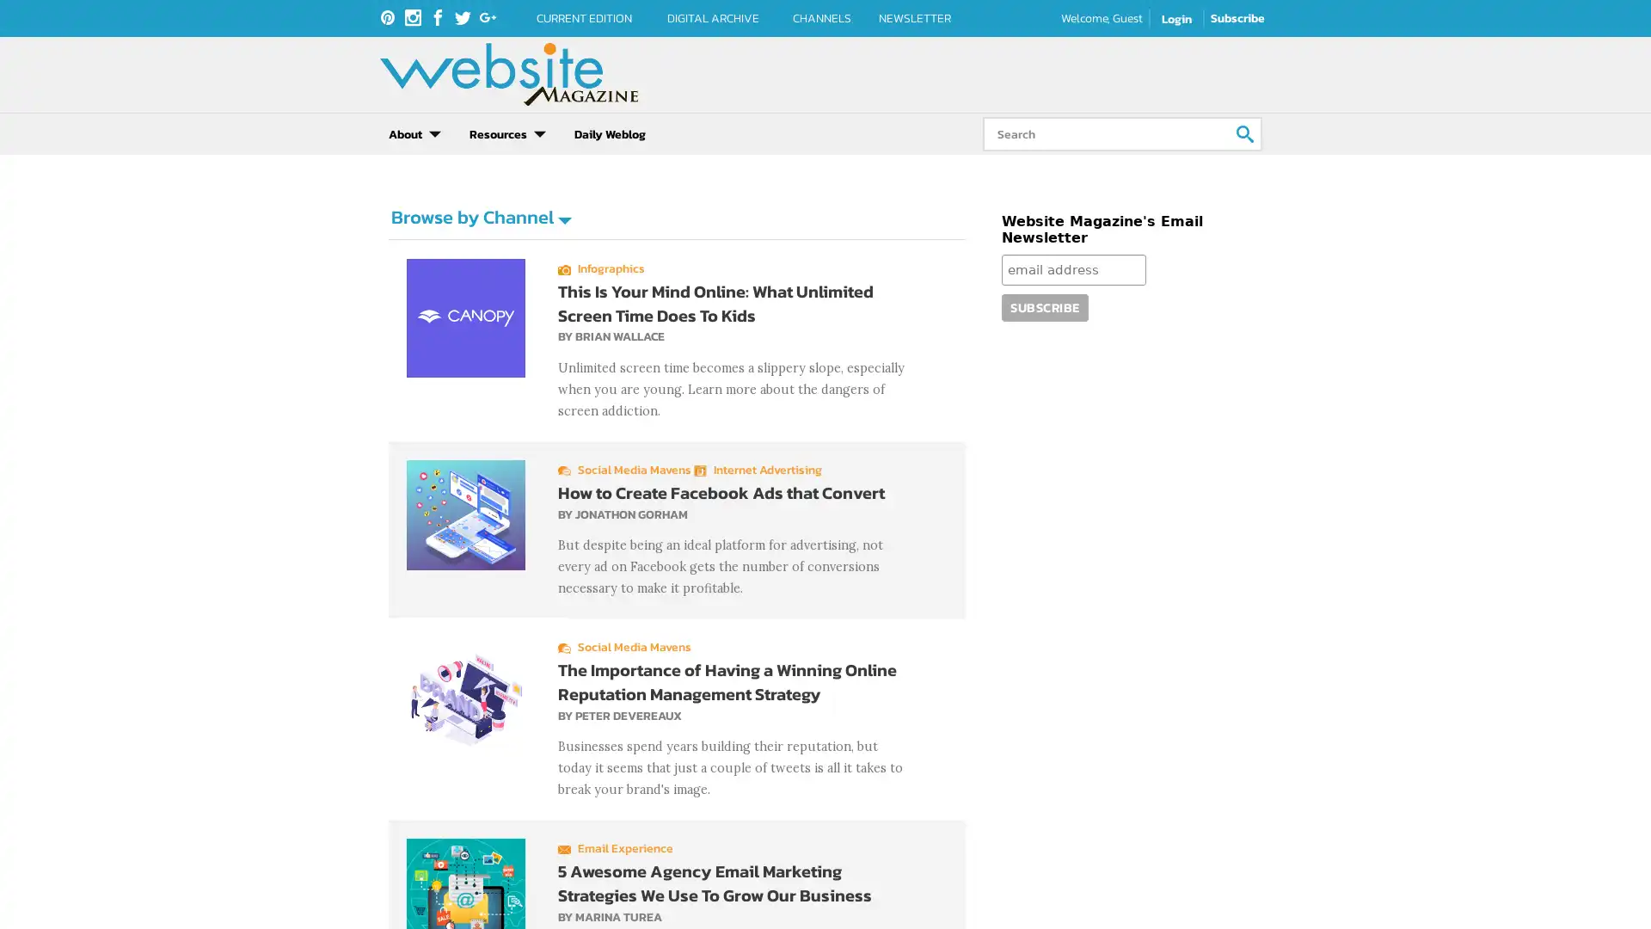 This screenshot has width=1651, height=929. Describe the element at coordinates (1245, 132) in the screenshot. I see `button` at that location.